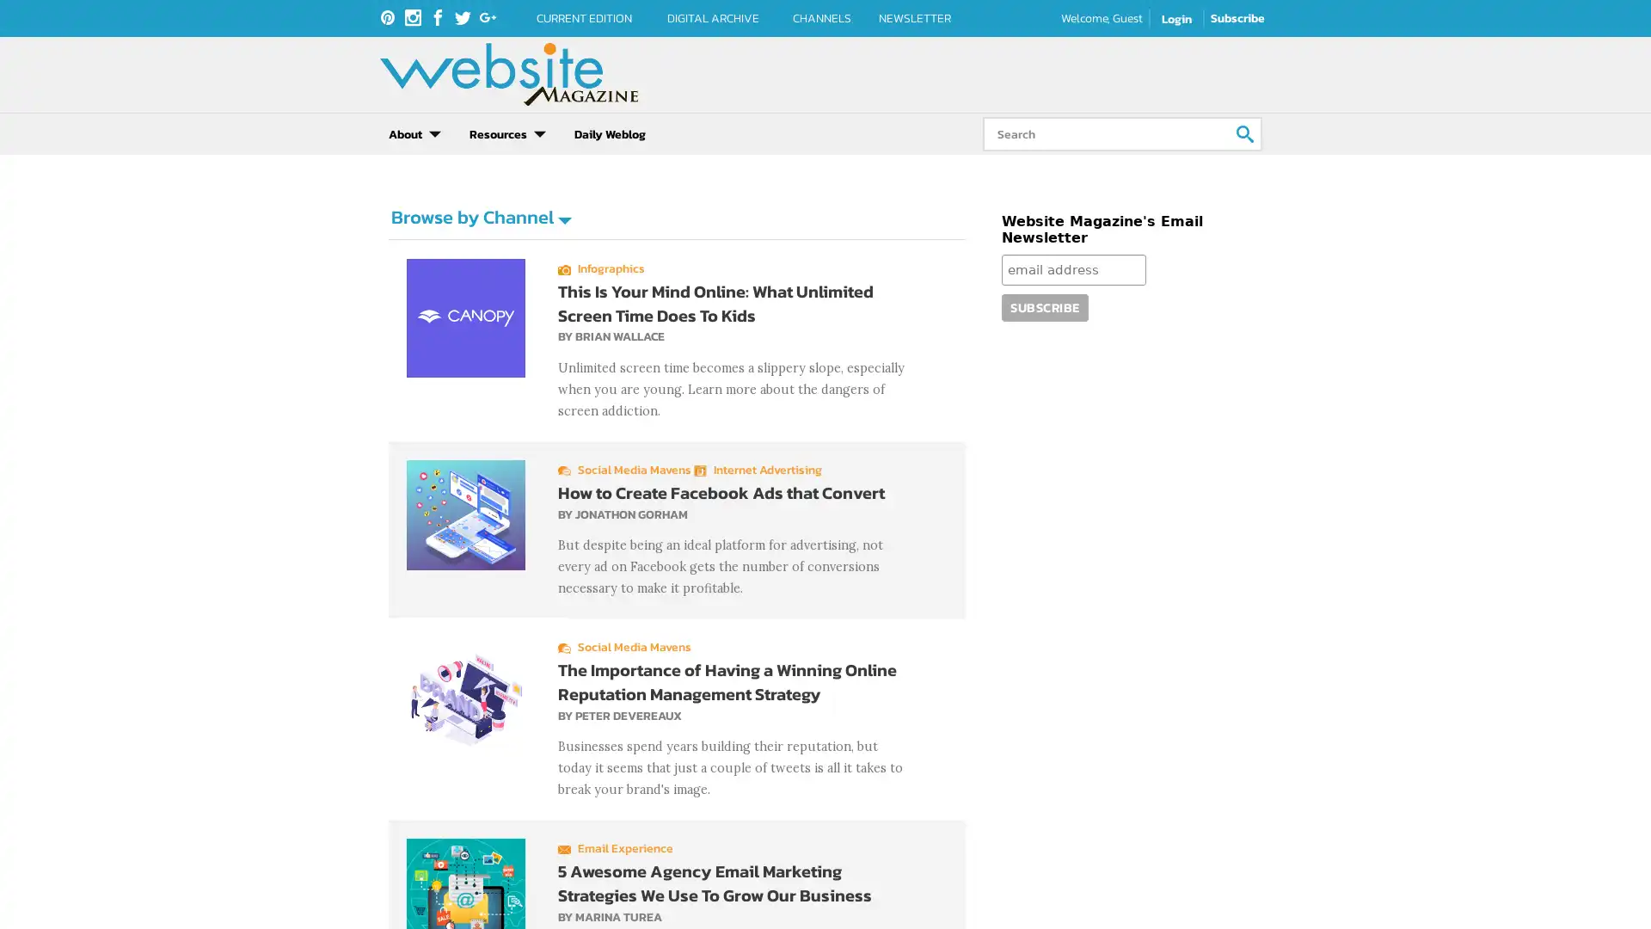 This screenshot has width=1651, height=929. Describe the element at coordinates (1245, 132) in the screenshot. I see `button` at that location.